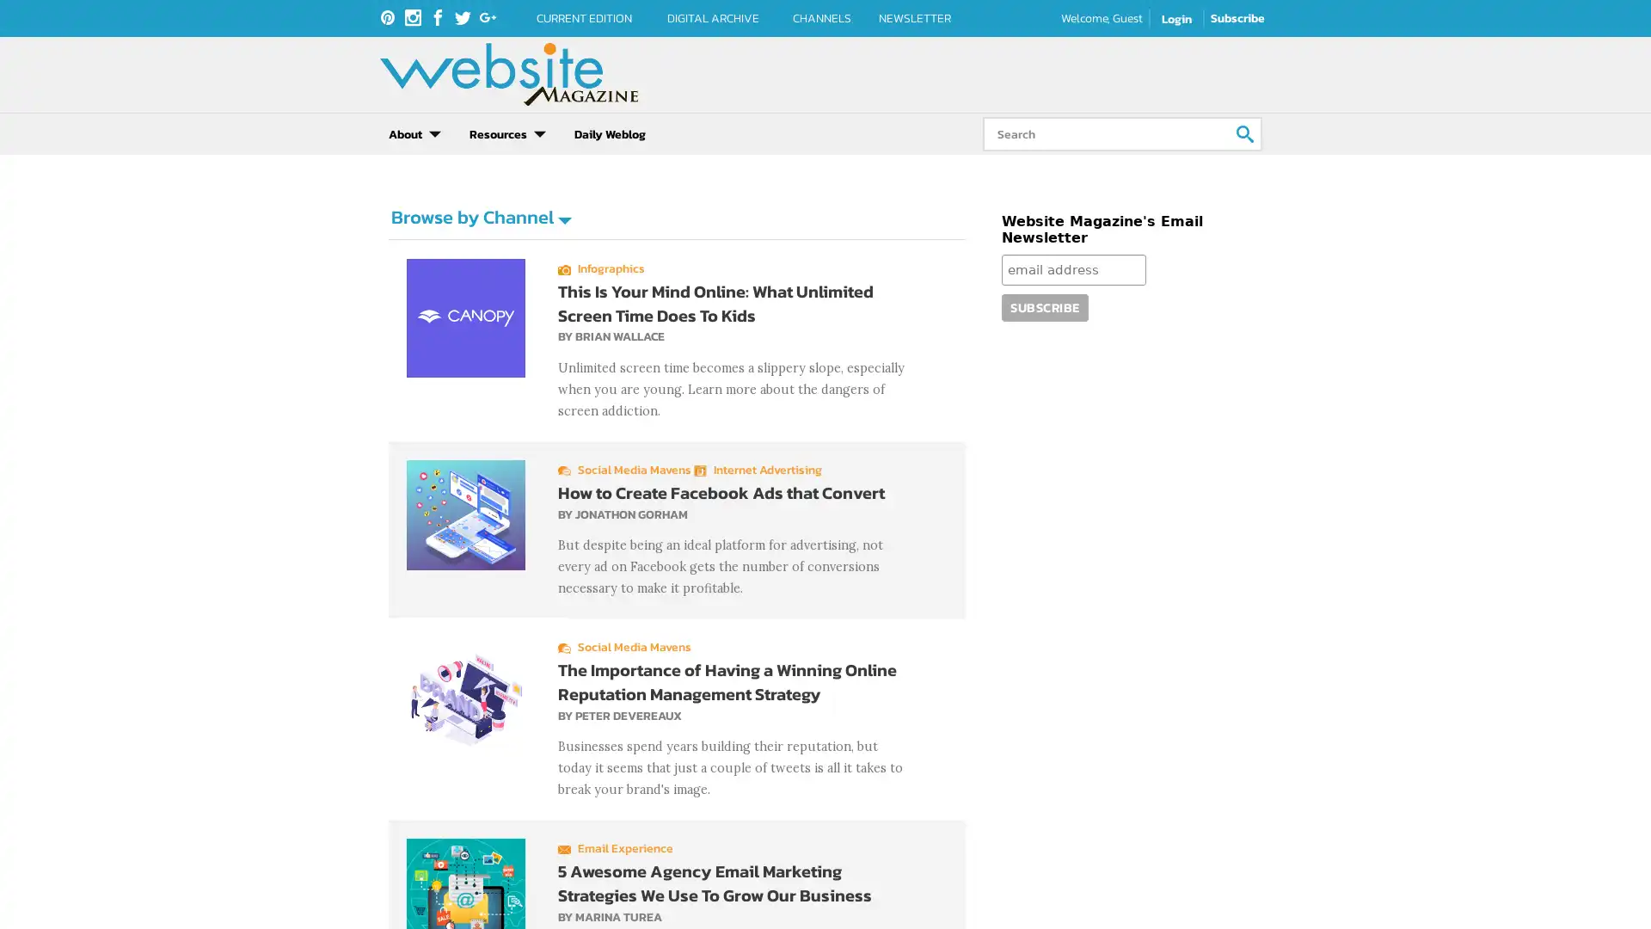 This screenshot has width=1651, height=929. Describe the element at coordinates (1245, 132) in the screenshot. I see `button` at that location.